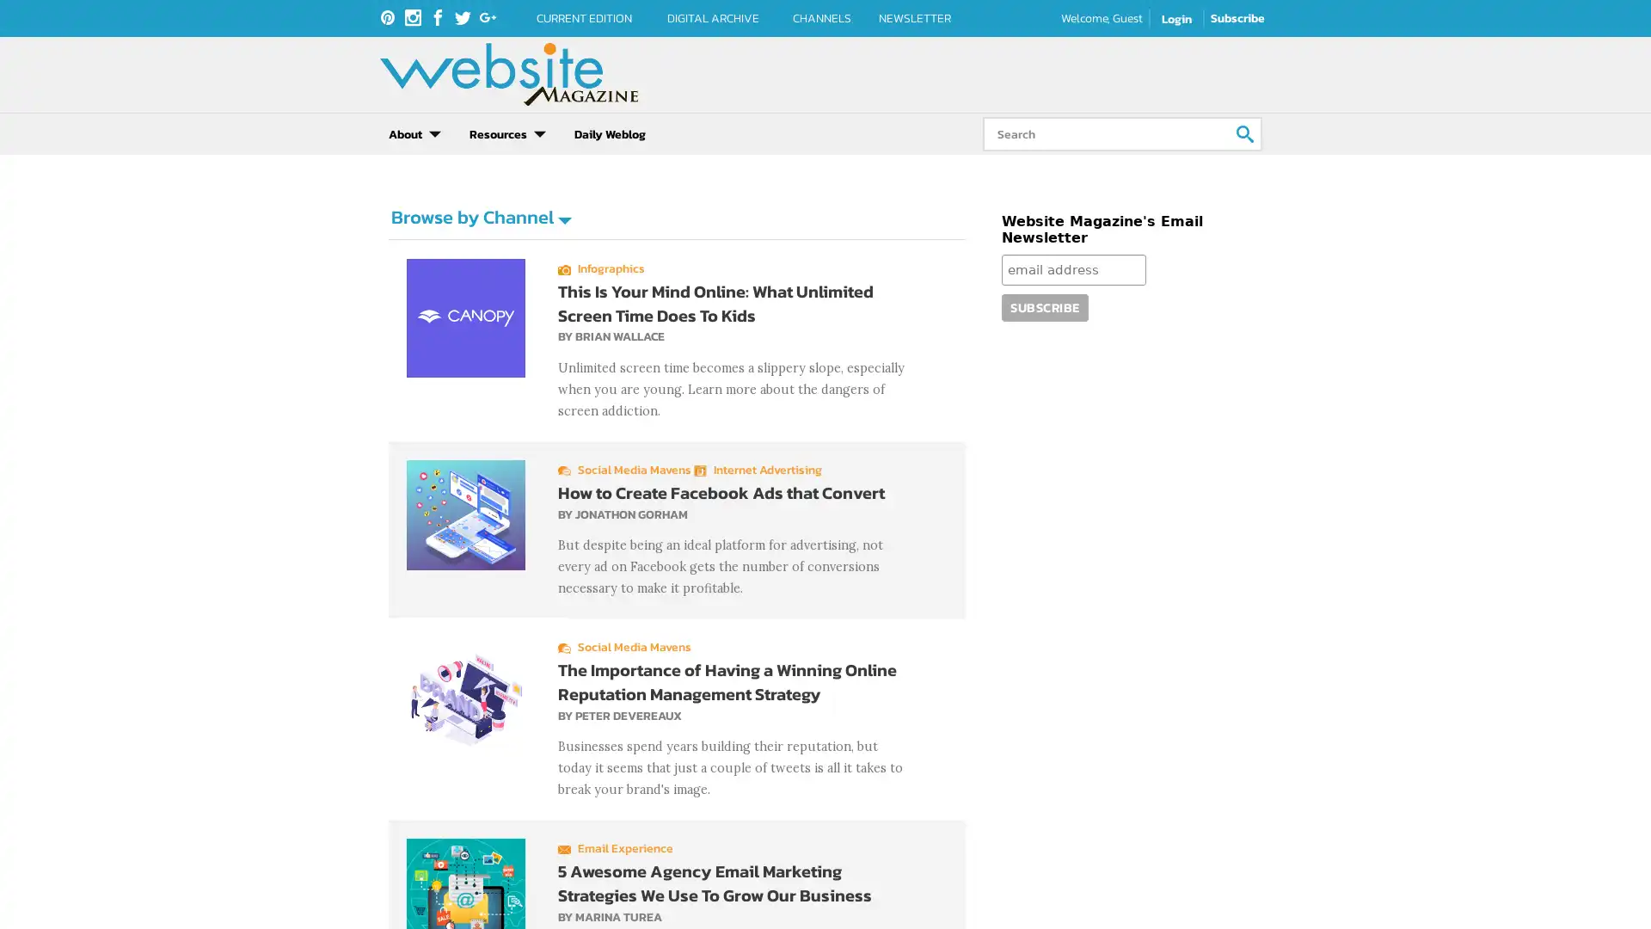 This screenshot has width=1651, height=929. Describe the element at coordinates (1245, 132) in the screenshot. I see `button` at that location.